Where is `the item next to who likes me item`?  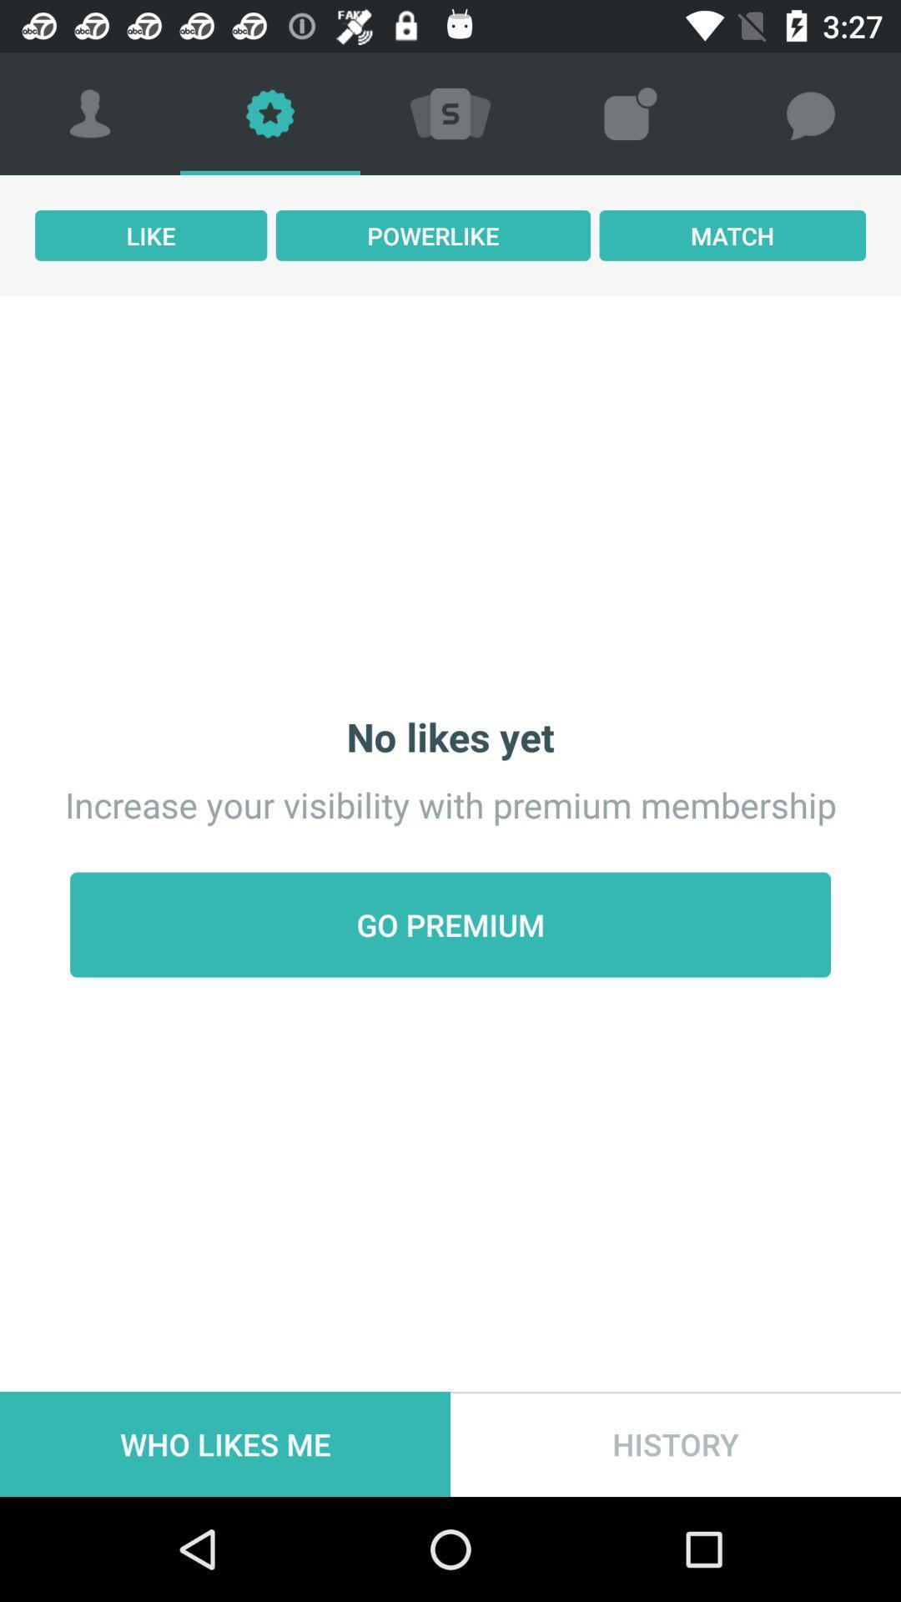
the item next to who likes me item is located at coordinates (676, 1443).